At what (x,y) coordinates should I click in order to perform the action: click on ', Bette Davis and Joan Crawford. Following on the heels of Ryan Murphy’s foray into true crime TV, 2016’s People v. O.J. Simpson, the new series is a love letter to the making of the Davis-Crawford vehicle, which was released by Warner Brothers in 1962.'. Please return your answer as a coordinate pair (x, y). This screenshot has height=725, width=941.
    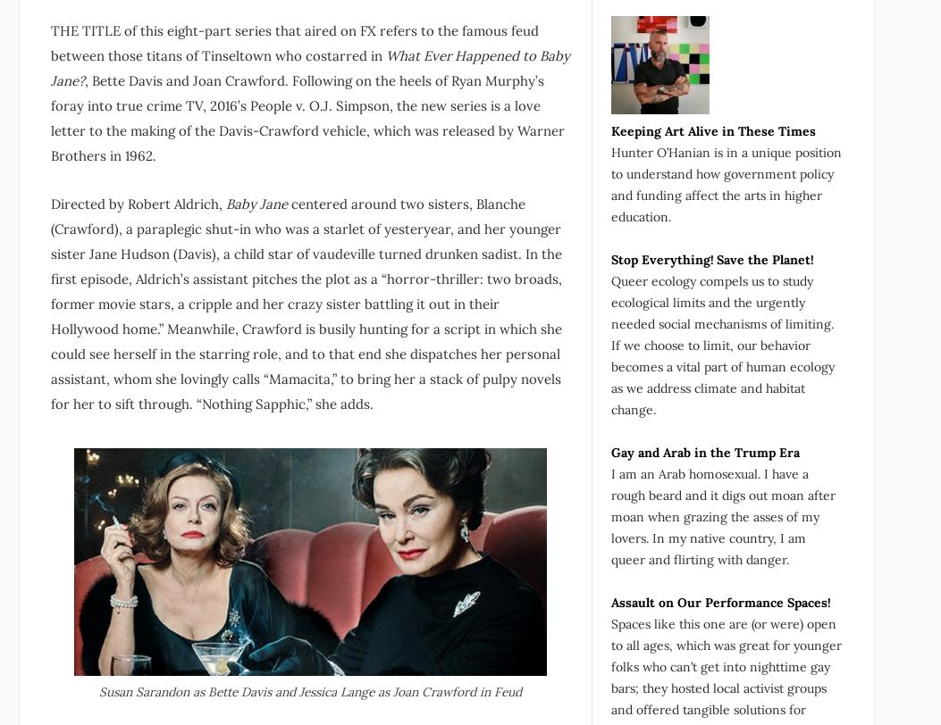
    Looking at the image, I should click on (307, 118).